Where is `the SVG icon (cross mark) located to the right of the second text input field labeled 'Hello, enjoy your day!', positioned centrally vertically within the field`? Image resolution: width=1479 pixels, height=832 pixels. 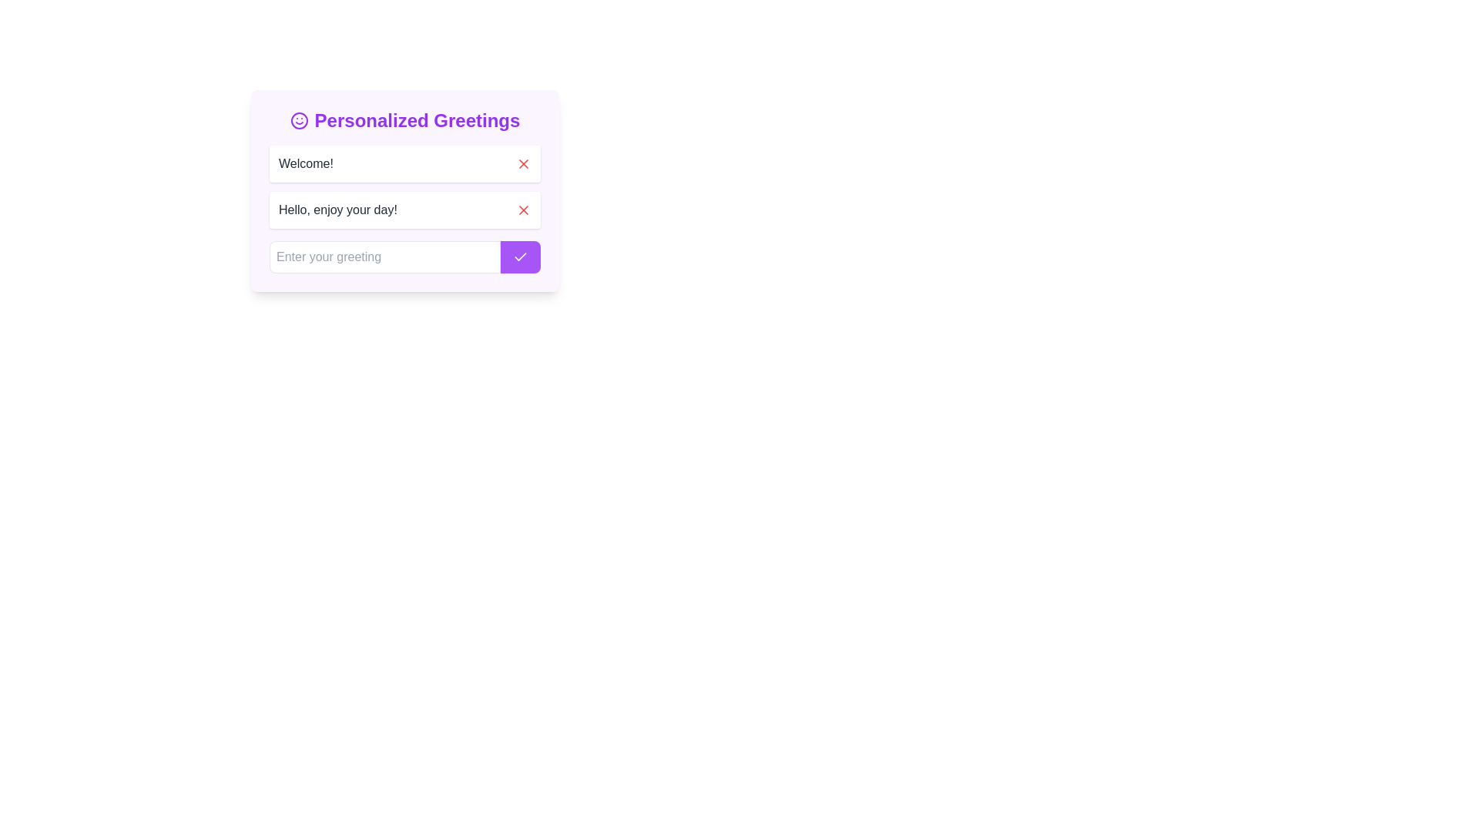 the SVG icon (cross mark) located to the right of the second text input field labeled 'Hello, enjoy your day!', positioned centrally vertically within the field is located at coordinates (524, 163).